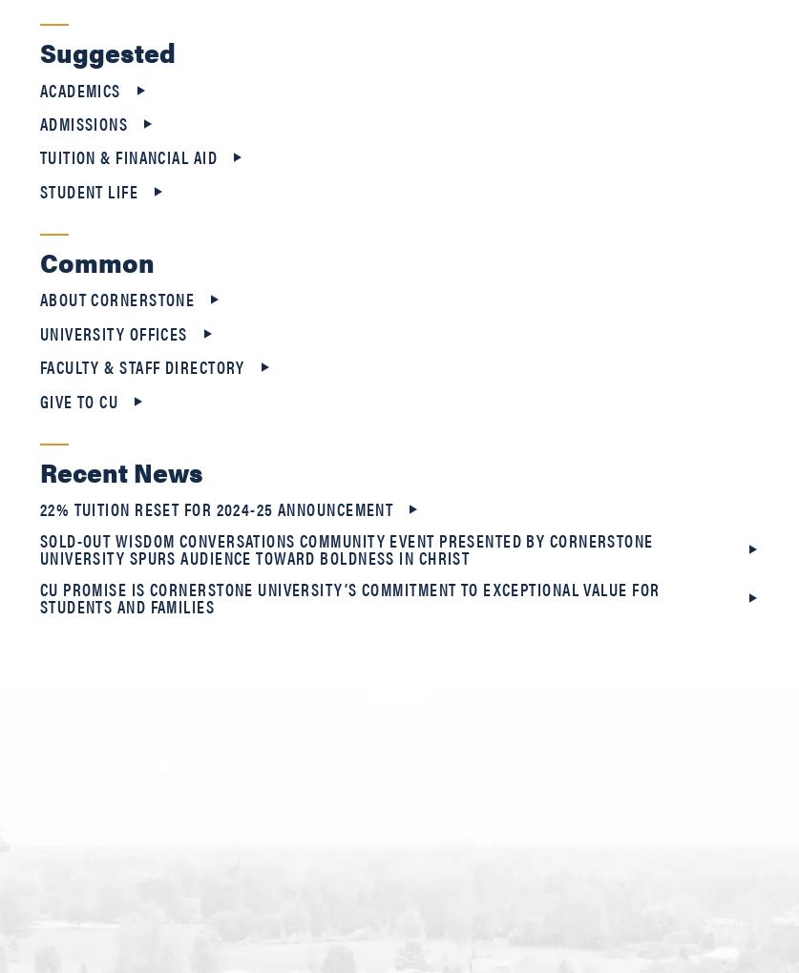 The height and width of the screenshot is (973, 799). What do you see at coordinates (113, 331) in the screenshot?
I see `'University Offices'` at bounding box center [113, 331].